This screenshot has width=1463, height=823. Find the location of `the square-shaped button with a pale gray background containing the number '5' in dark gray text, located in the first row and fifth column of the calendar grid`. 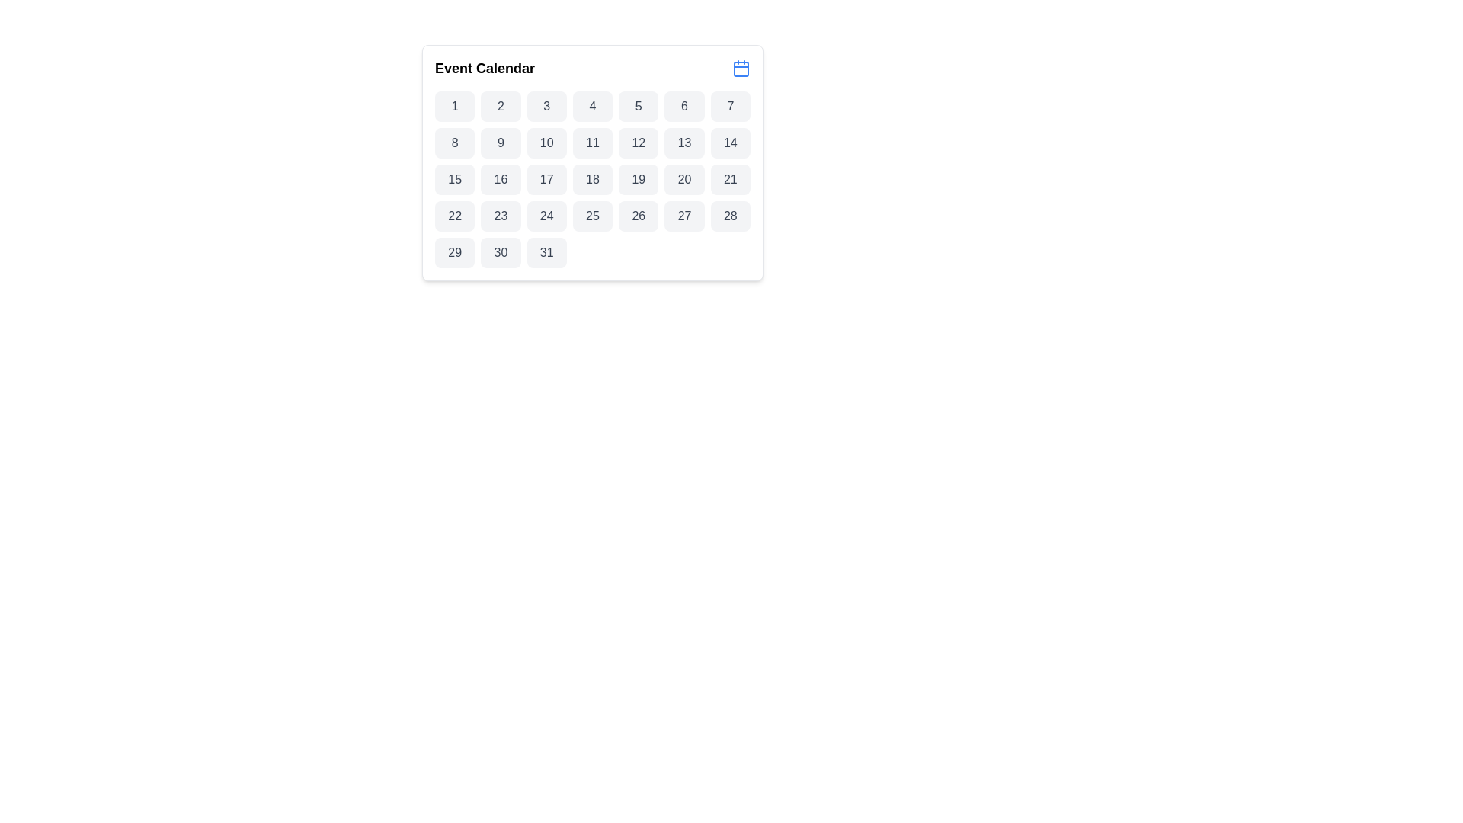

the square-shaped button with a pale gray background containing the number '5' in dark gray text, located in the first row and fifth column of the calendar grid is located at coordinates (639, 105).